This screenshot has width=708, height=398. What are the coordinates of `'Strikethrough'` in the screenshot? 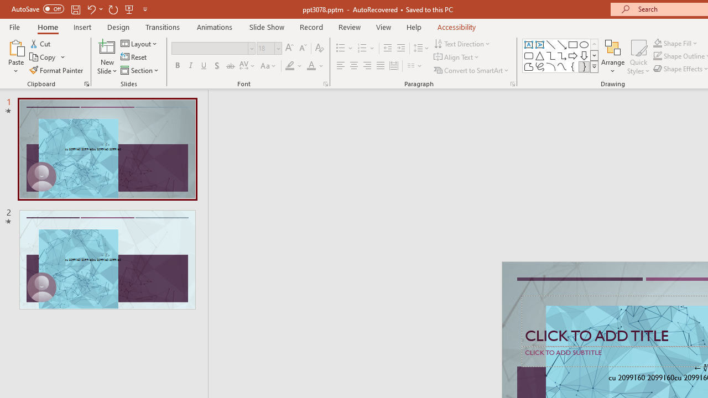 It's located at (230, 66).